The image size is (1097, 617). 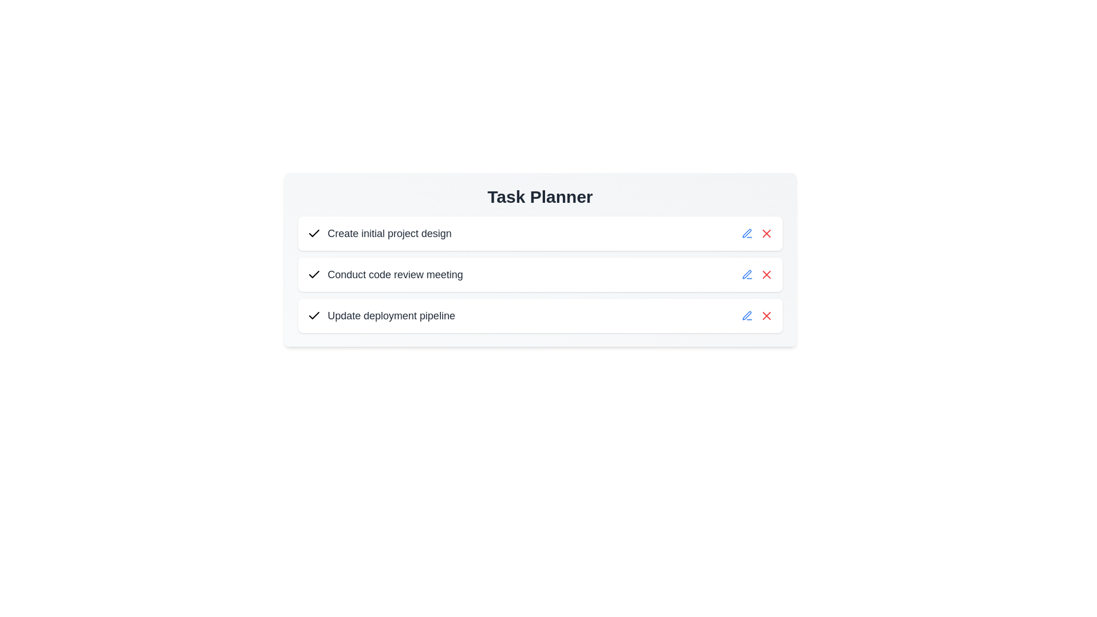 What do you see at coordinates (747, 233) in the screenshot?
I see `the blue pen icon associated with editing features in the task planner interface` at bounding box center [747, 233].